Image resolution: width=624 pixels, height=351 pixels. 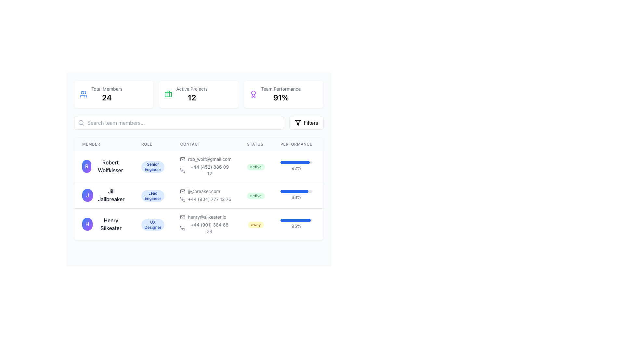 I want to click on the label in the 'ROLE' column that indicates the designation of the team member, Jill Jailbreaker, located in the second row of the team information table, so click(x=152, y=195).